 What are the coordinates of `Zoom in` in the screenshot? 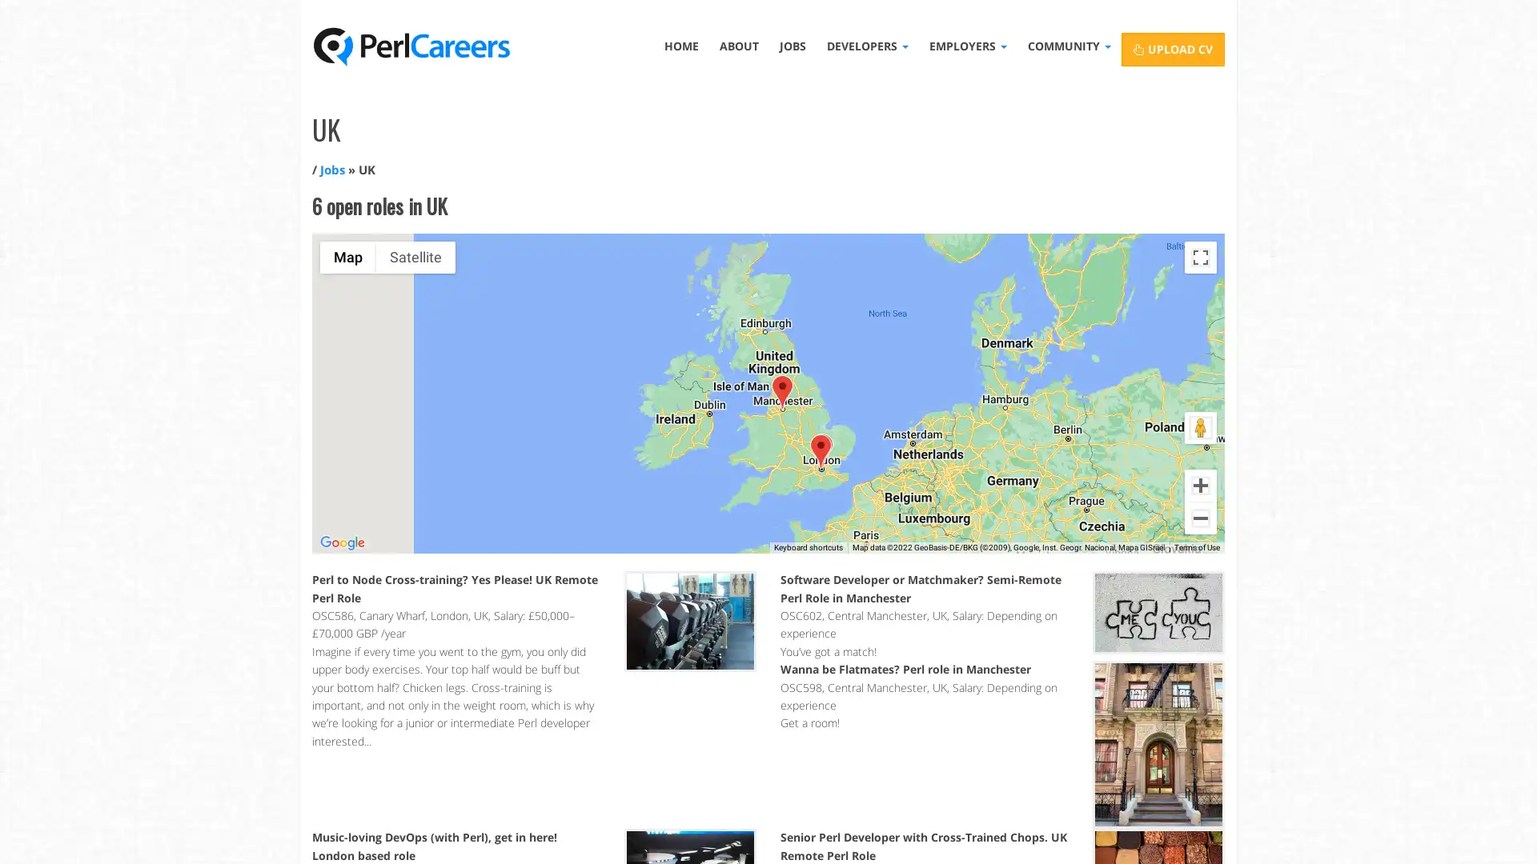 It's located at (1200, 483).